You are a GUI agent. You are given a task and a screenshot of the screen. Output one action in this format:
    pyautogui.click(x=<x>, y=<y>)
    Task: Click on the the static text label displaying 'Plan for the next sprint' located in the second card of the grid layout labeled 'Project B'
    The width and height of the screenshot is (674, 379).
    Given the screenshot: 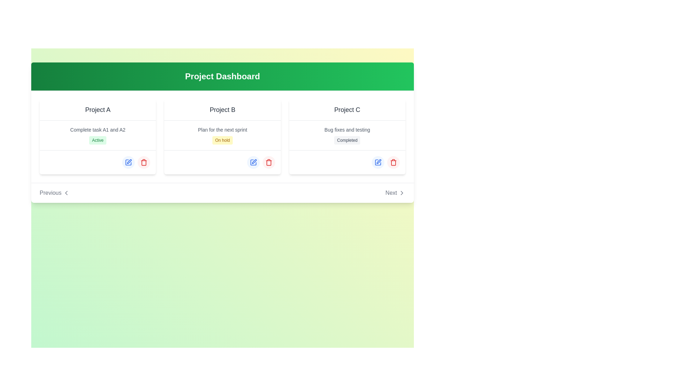 What is the action you would take?
    pyautogui.click(x=222, y=130)
    